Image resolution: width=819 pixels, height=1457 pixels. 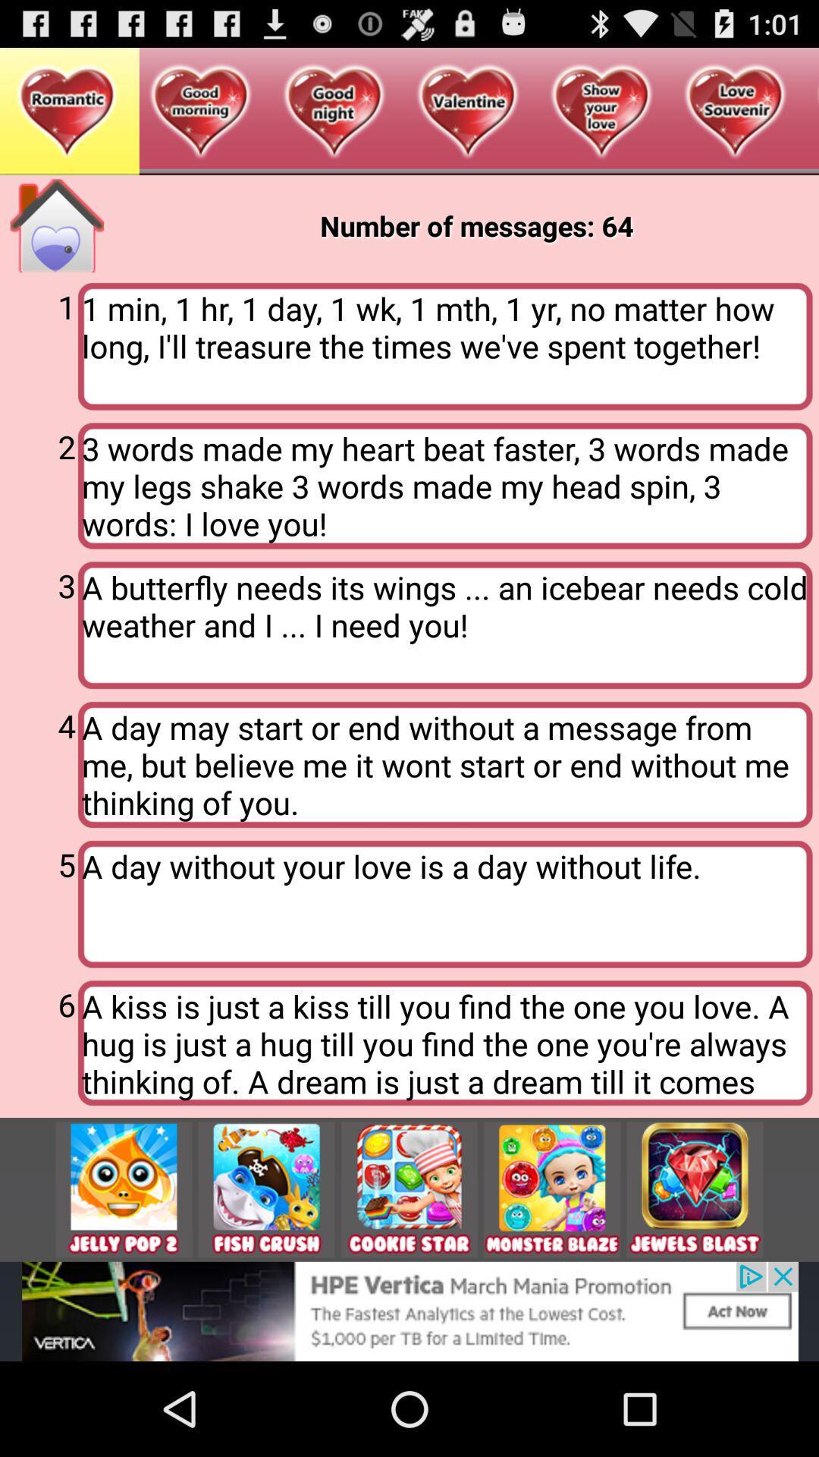 I want to click on this tile, so click(x=123, y=1188).